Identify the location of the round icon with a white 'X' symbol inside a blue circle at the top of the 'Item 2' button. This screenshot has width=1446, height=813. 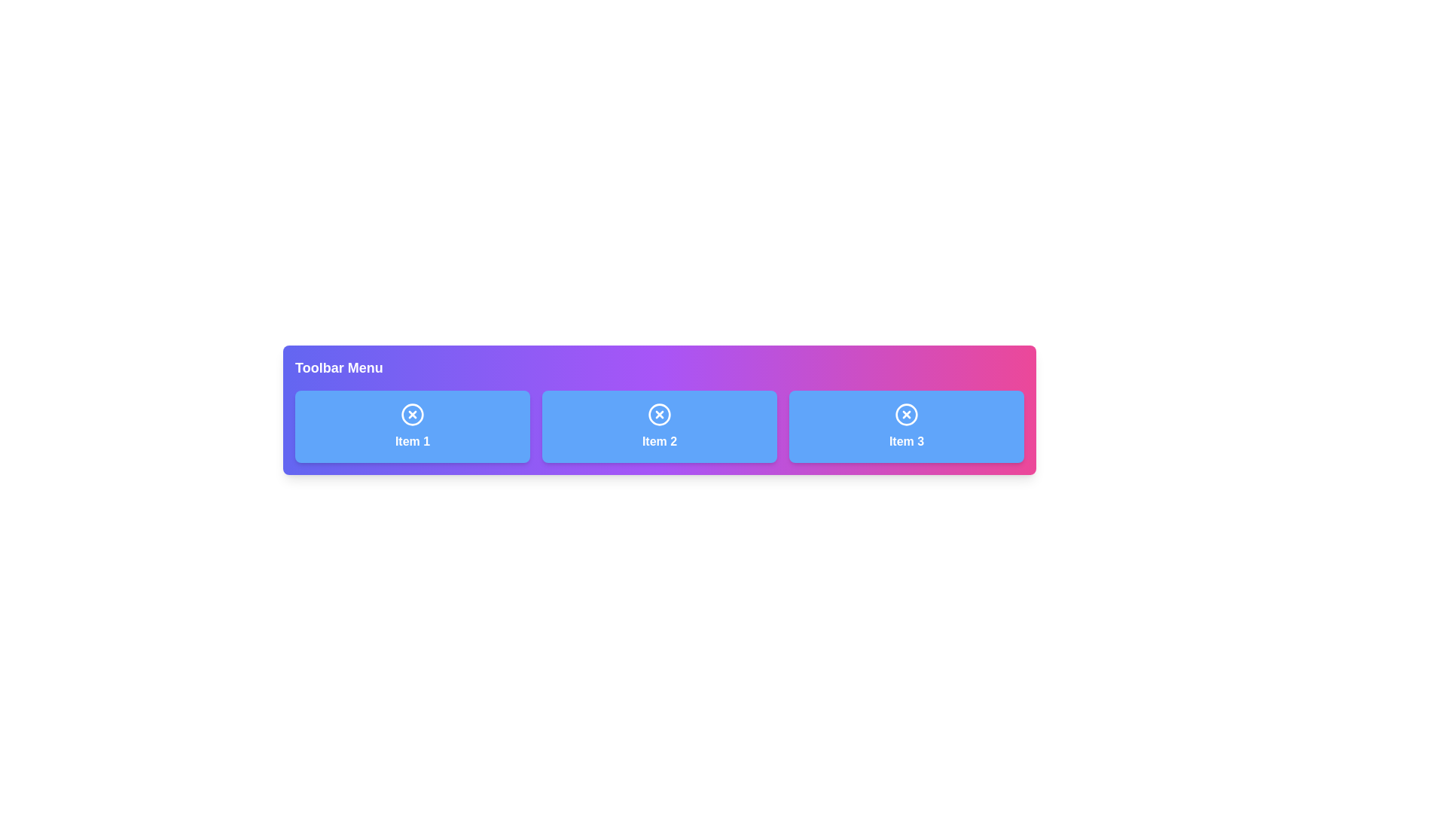
(659, 415).